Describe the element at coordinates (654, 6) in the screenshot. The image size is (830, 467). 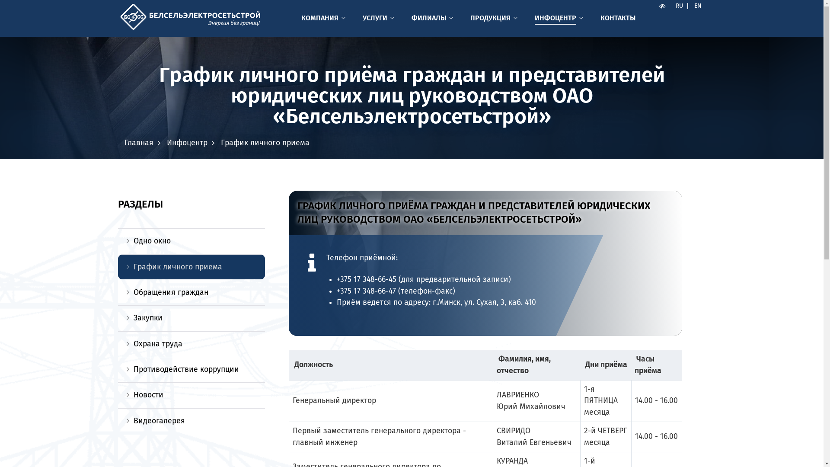
I see `' '` at that location.